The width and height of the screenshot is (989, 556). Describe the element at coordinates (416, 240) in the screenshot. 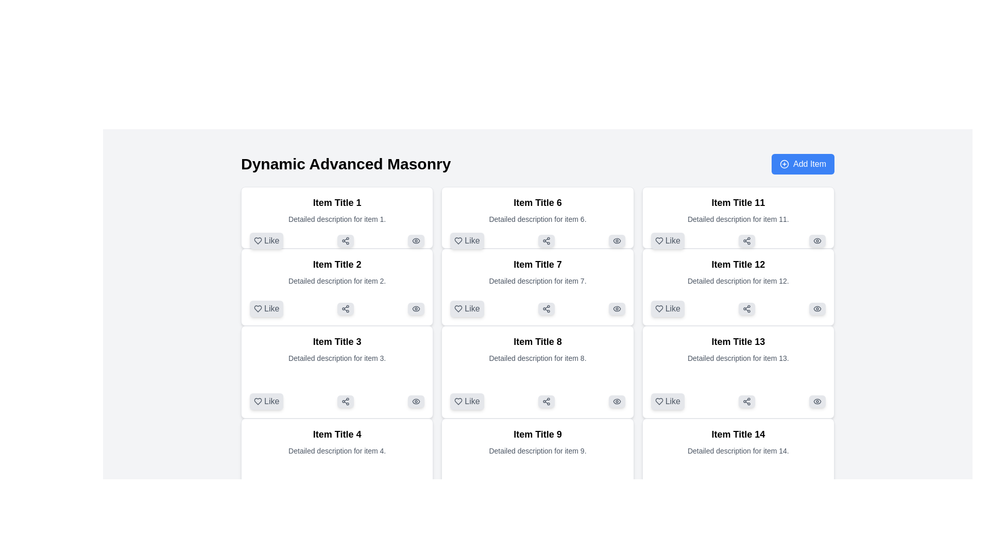

I see `the visibility toggle icon located in the lower right corner of the first card labeled 'Item Title 1'` at that location.